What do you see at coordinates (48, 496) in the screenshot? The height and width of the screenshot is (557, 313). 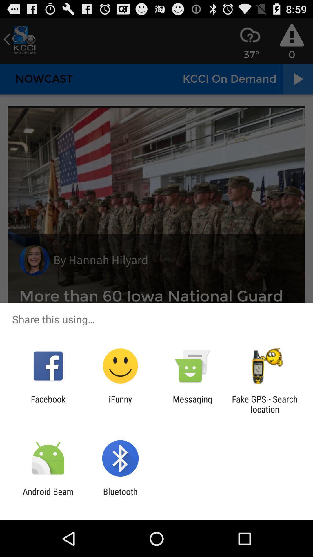 I see `item to the left of the bluetooth icon` at bounding box center [48, 496].